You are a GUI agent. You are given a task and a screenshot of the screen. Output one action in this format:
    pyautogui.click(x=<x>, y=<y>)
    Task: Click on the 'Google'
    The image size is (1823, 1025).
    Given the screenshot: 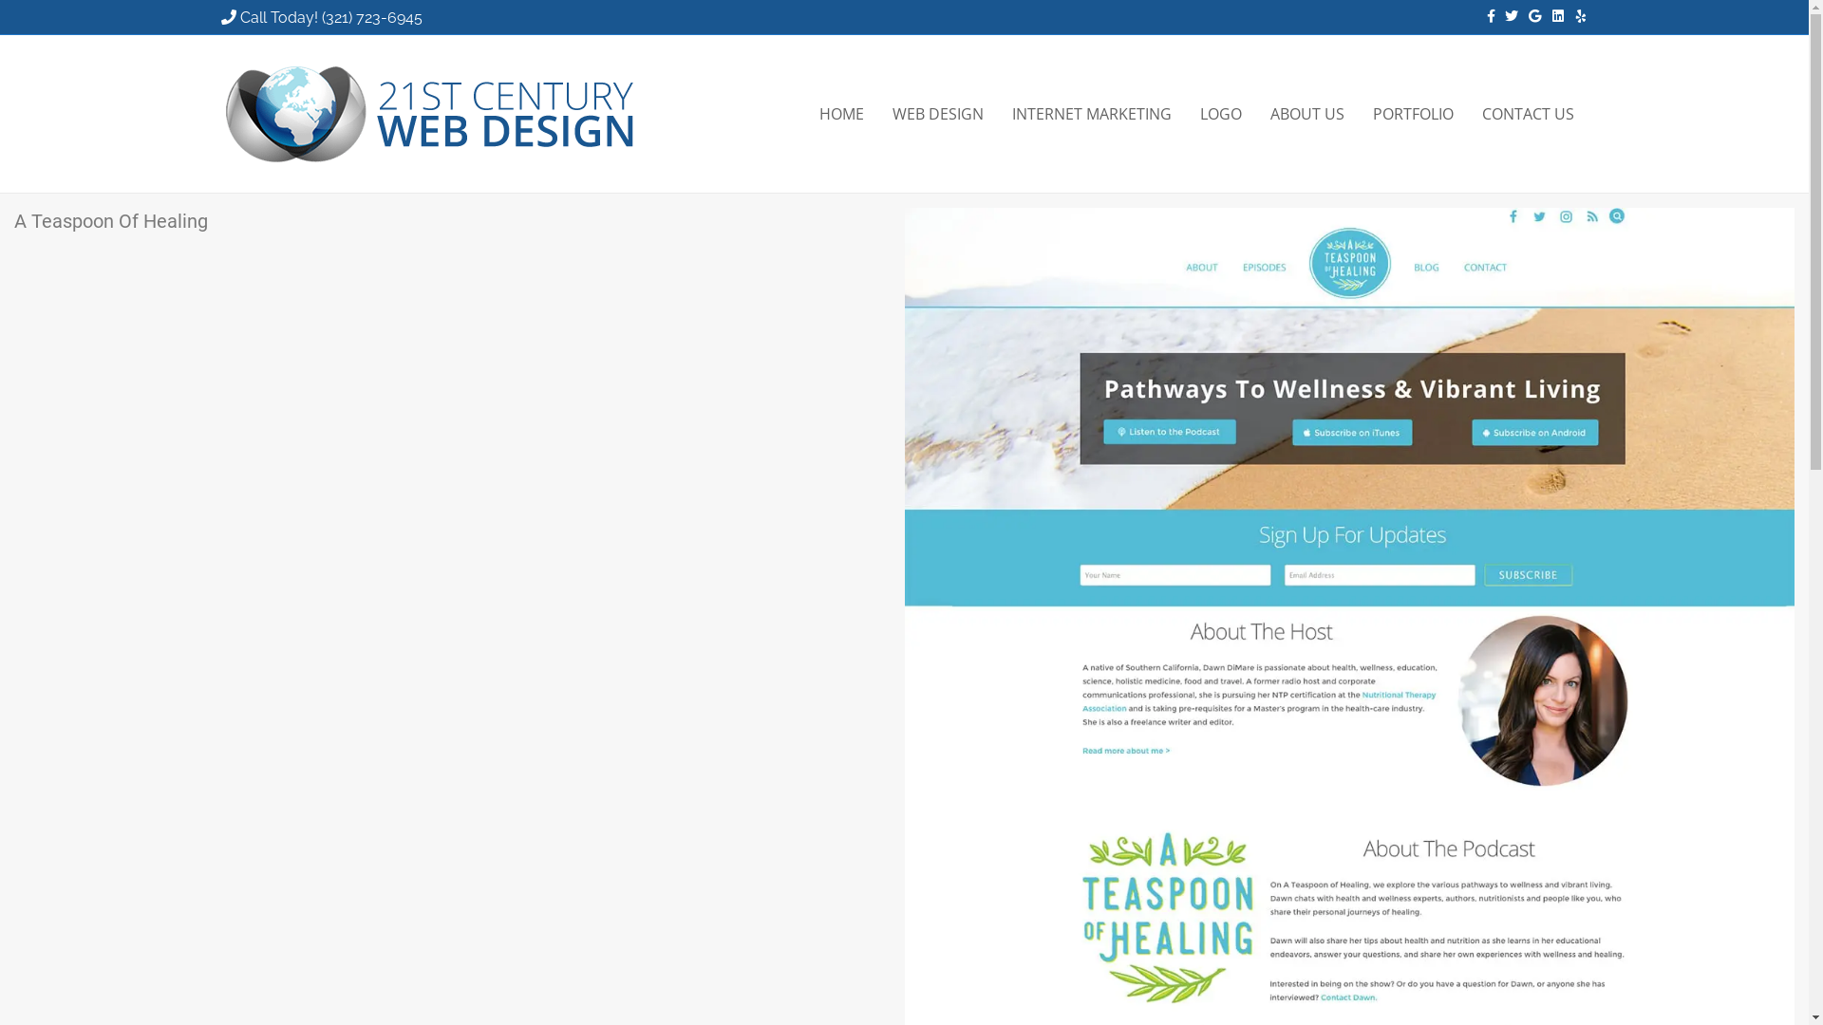 What is the action you would take?
    pyautogui.click(x=1528, y=14)
    